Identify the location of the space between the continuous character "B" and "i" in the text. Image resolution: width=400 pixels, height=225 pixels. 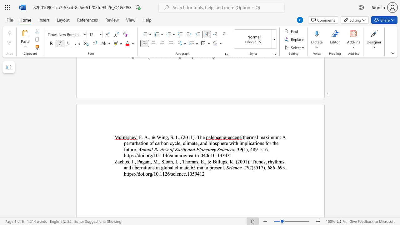
(215, 161).